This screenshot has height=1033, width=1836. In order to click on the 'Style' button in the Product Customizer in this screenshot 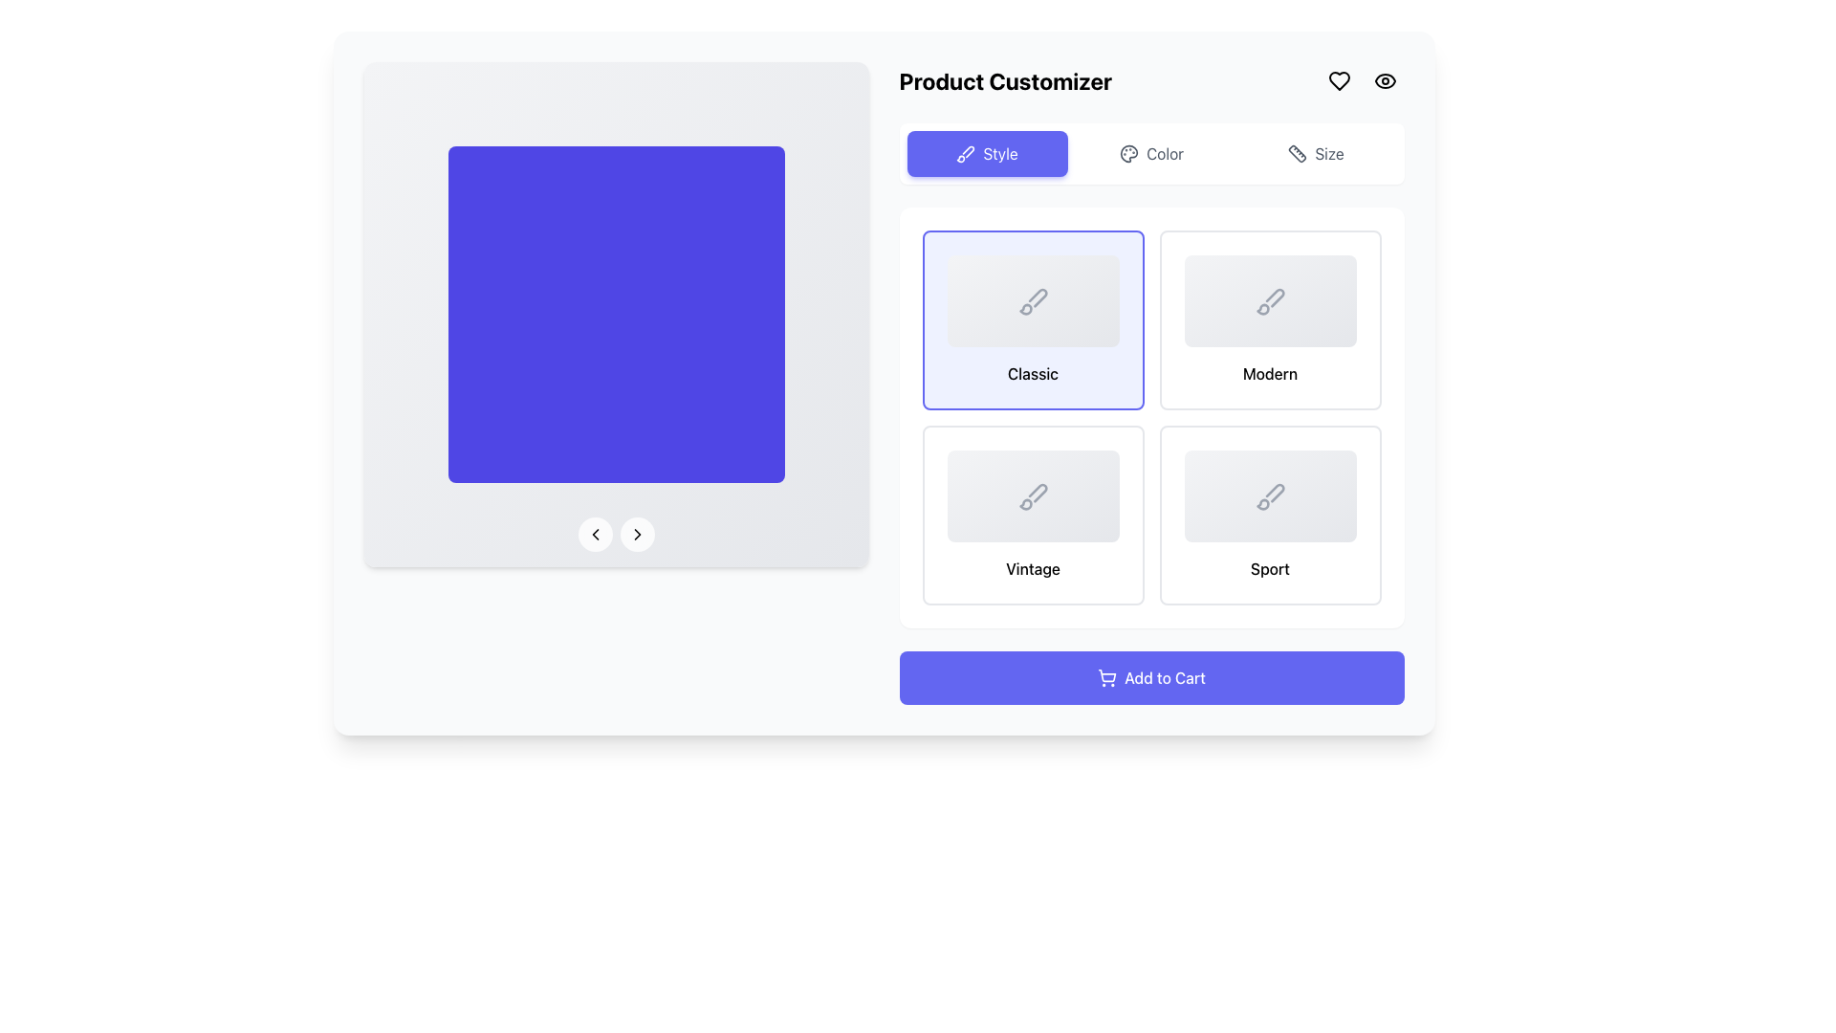, I will do `click(999, 153)`.